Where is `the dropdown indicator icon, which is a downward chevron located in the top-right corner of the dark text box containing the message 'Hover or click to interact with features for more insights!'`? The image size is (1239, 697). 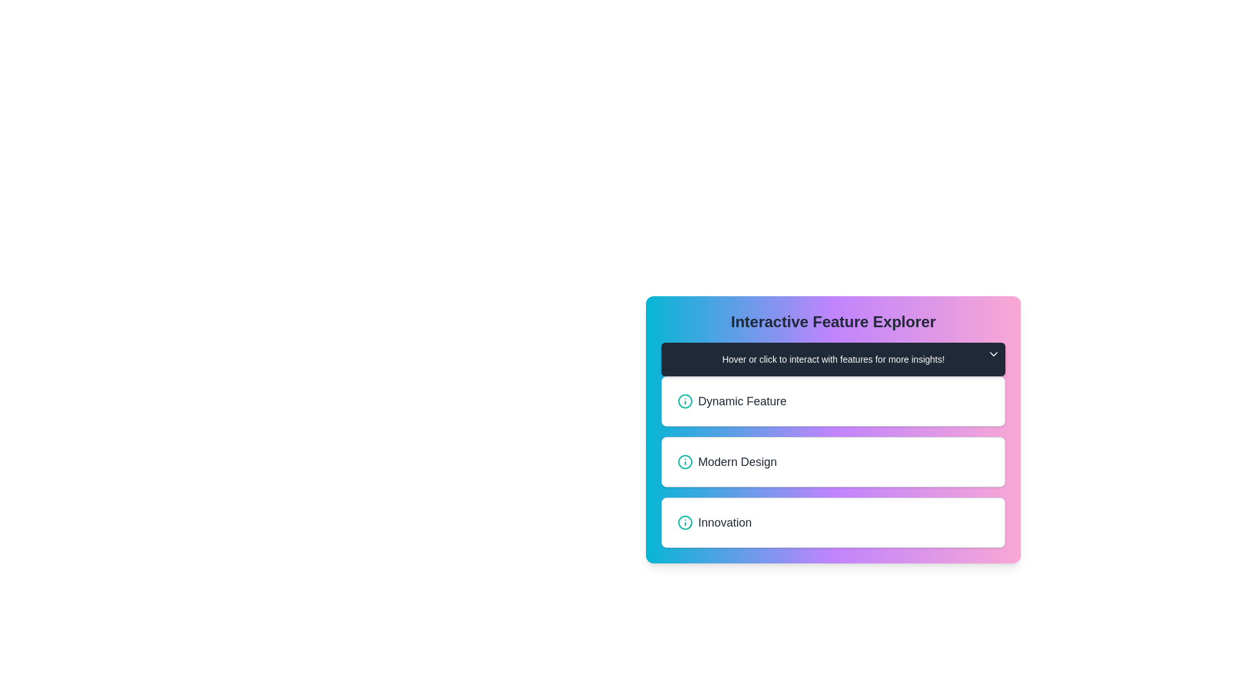
the dropdown indicator icon, which is a downward chevron located in the top-right corner of the dark text box containing the message 'Hover or click to interact with features for more insights!' is located at coordinates (993, 354).